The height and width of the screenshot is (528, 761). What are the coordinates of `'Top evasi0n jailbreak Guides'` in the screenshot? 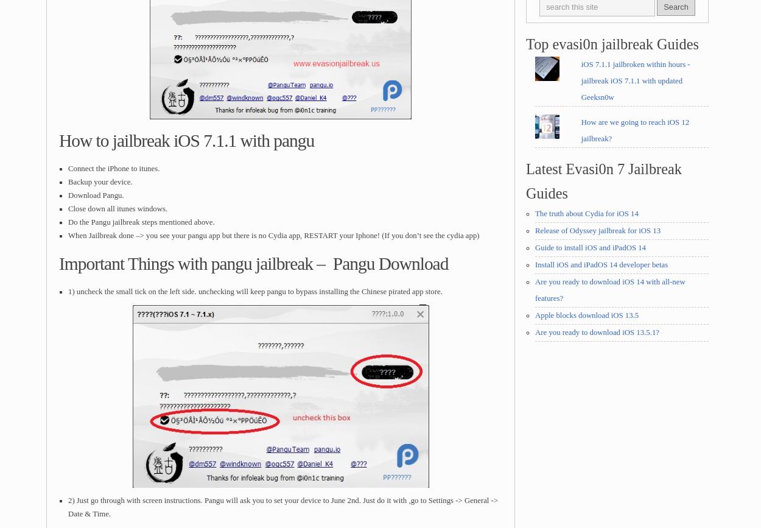 It's located at (612, 44).